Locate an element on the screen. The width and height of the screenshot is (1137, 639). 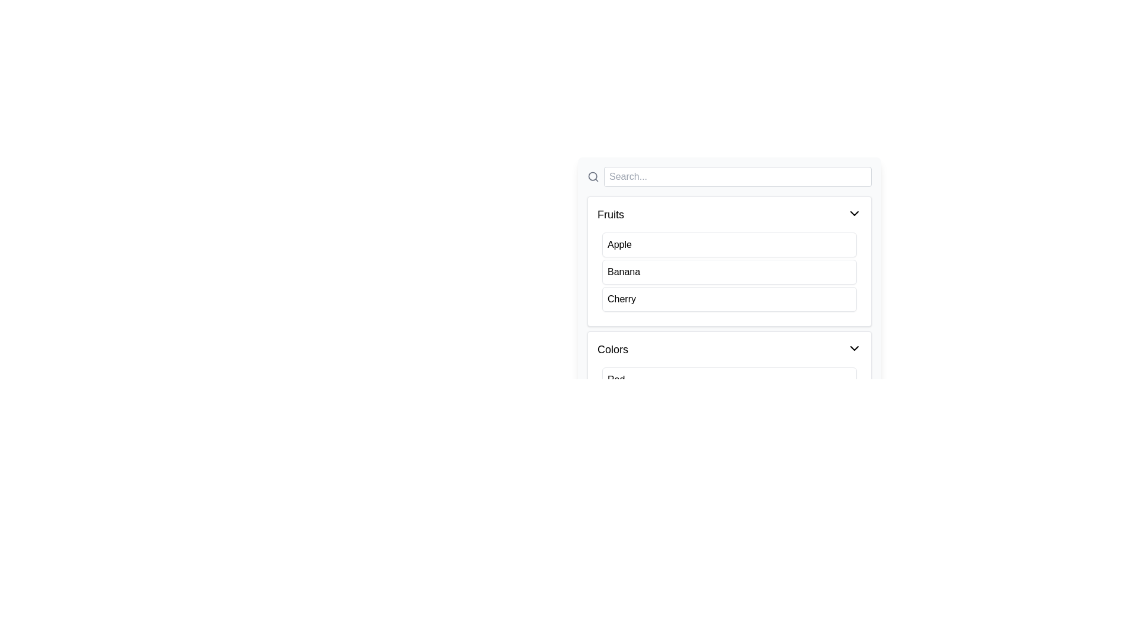
the gray magnifying glass icon representing the search function, which is positioned to the left of the search input field is located at coordinates (593, 177).